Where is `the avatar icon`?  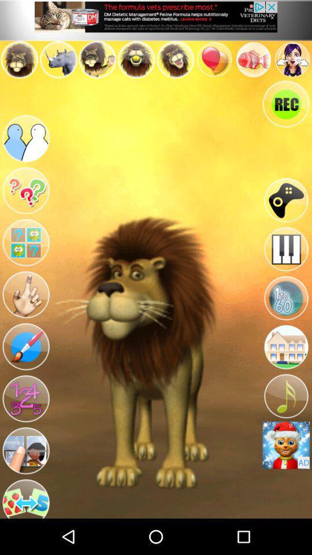 the avatar icon is located at coordinates (25, 482).